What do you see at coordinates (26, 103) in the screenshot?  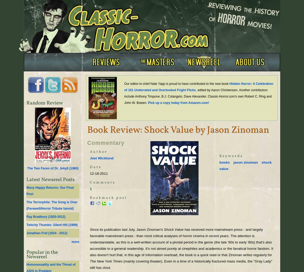 I see `'Random Review'` at bounding box center [26, 103].